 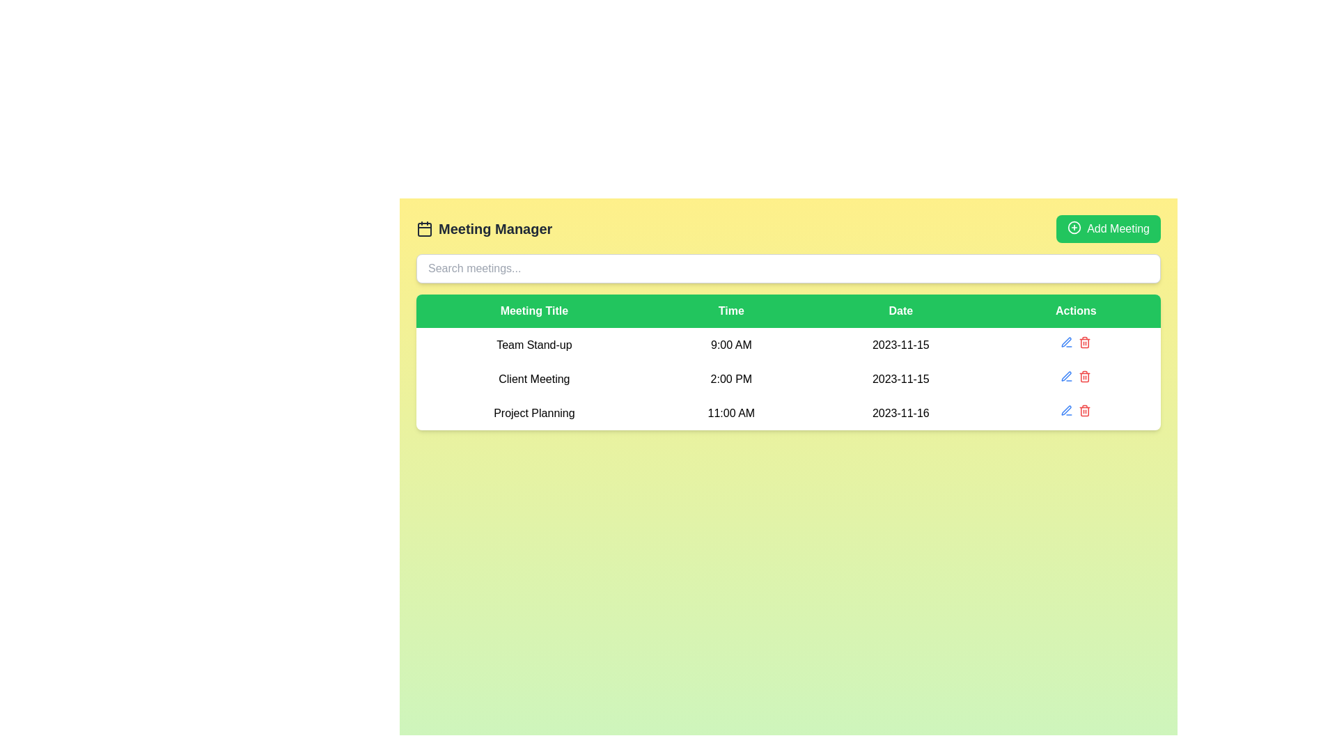 What do you see at coordinates (1074, 227) in the screenshot?
I see `the icon located to the left of the 'Add Meeting' text within the green button in the top-right corner of the interface` at bounding box center [1074, 227].